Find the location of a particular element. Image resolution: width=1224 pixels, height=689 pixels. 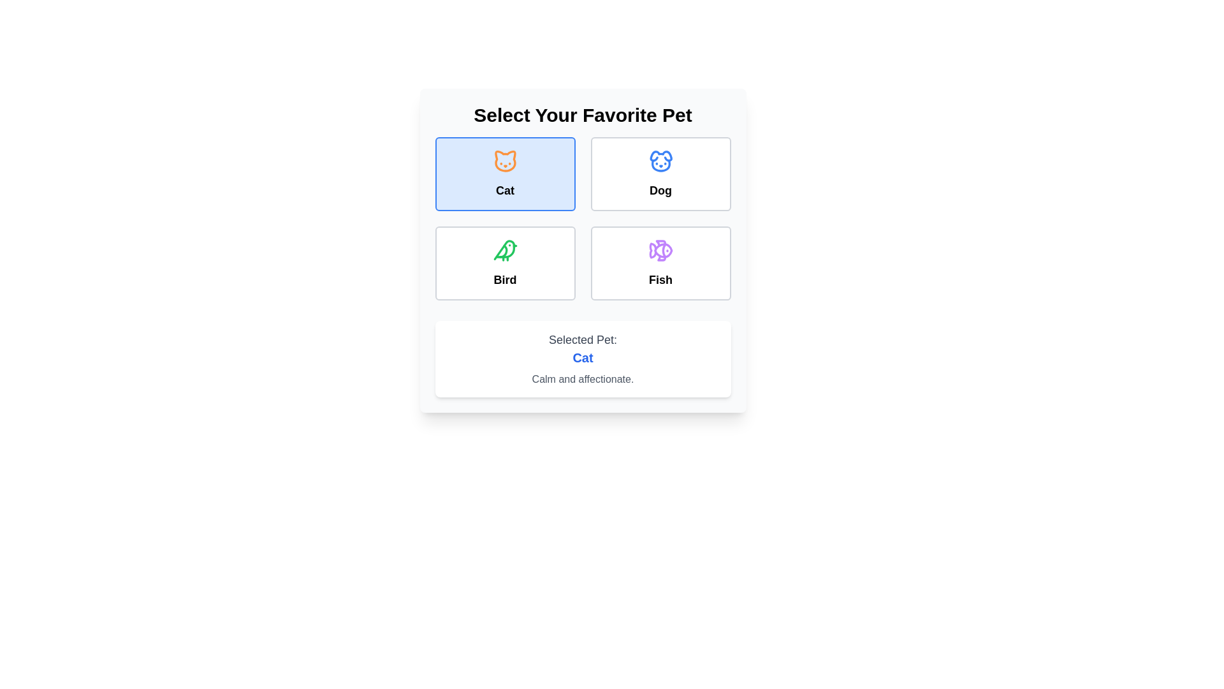

the purple fish icon located in the bottom-right section of the 'Select Your Favorite Pet' grid is located at coordinates (652, 251).